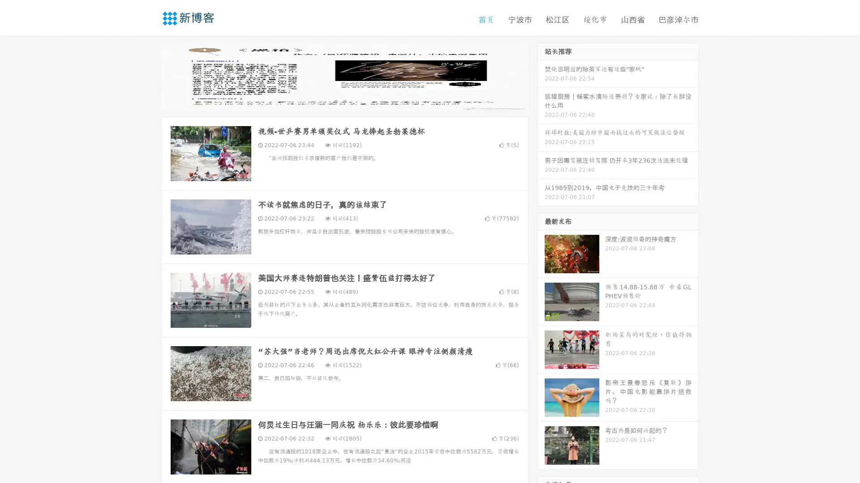  I want to click on Go to slide 2, so click(344, 101).